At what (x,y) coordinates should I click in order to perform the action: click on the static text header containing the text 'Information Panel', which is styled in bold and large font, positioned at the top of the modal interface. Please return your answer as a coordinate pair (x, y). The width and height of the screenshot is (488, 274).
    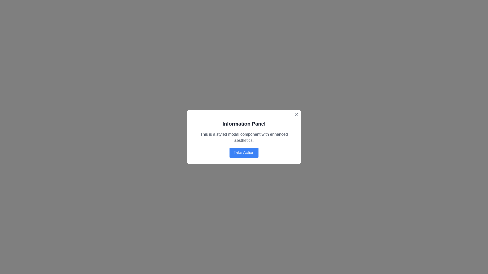
    Looking at the image, I should click on (244, 124).